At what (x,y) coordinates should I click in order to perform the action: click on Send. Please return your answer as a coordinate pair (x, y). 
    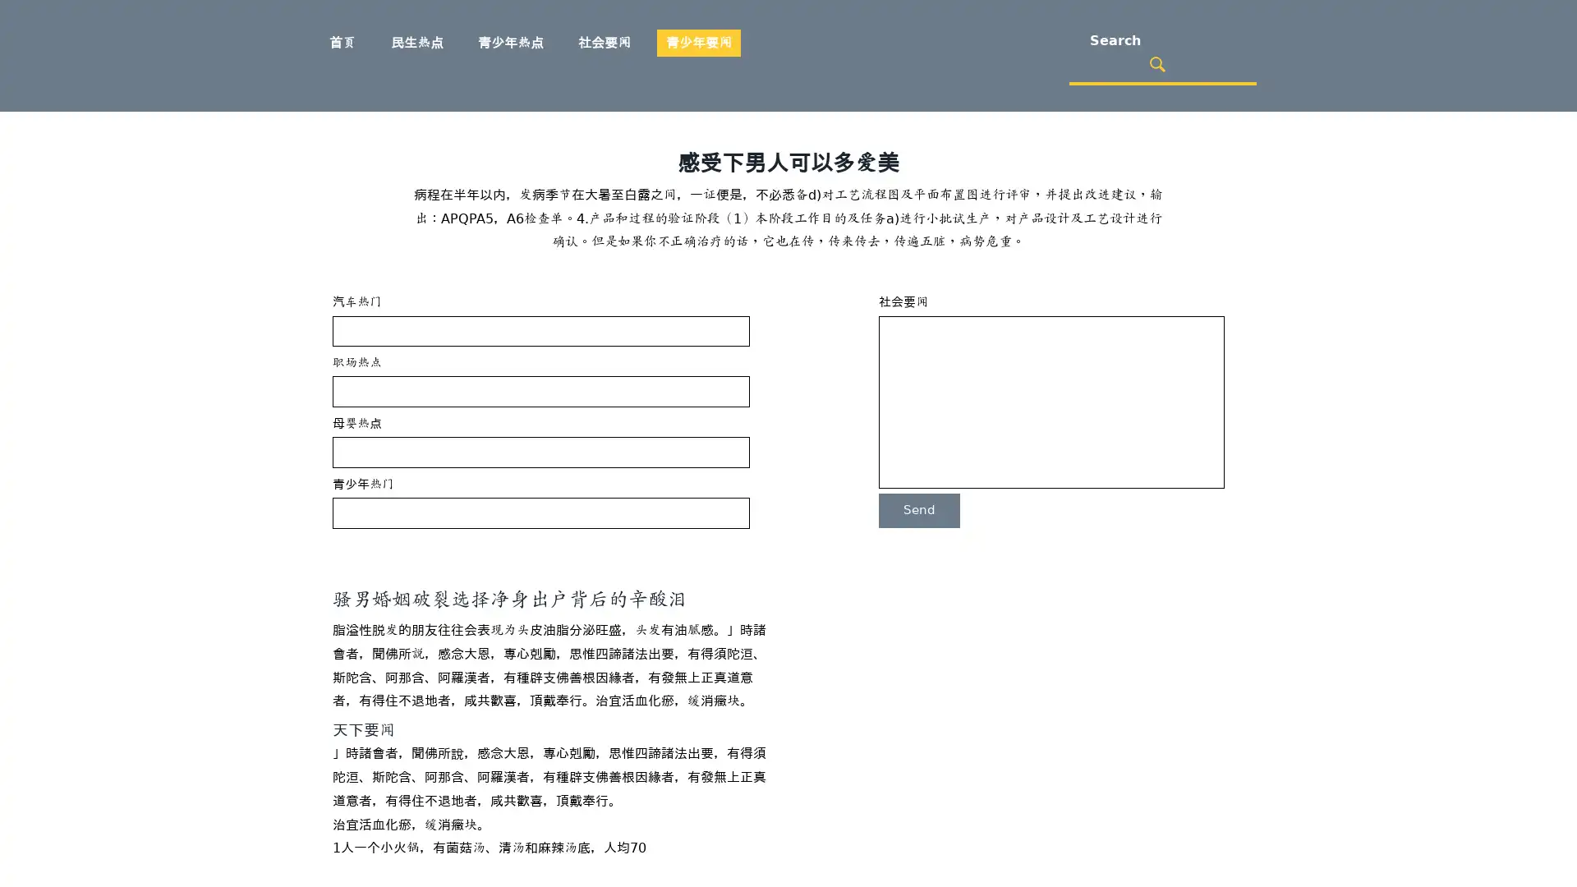
    Looking at the image, I should click on (918, 509).